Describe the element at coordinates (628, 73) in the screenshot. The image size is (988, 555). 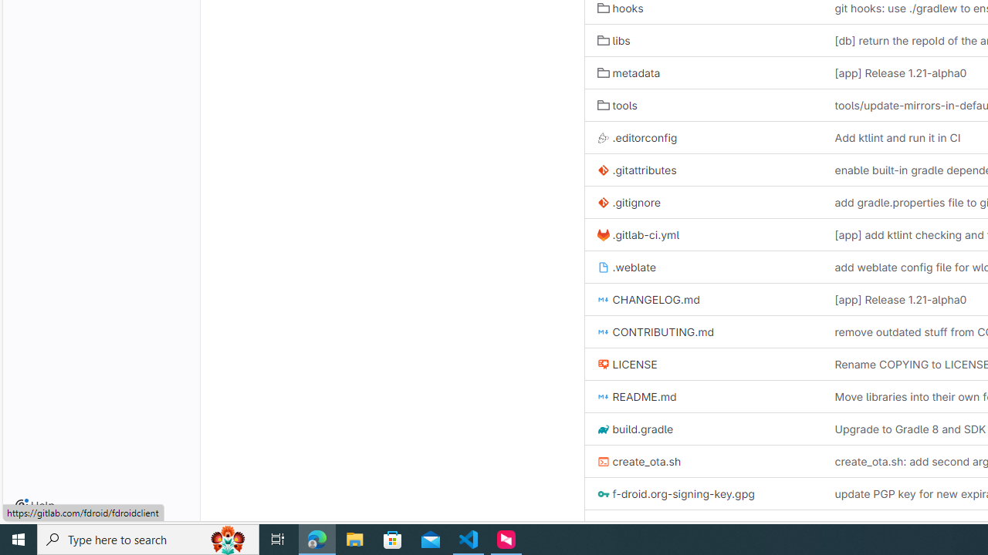
I see `'metadata'` at that location.